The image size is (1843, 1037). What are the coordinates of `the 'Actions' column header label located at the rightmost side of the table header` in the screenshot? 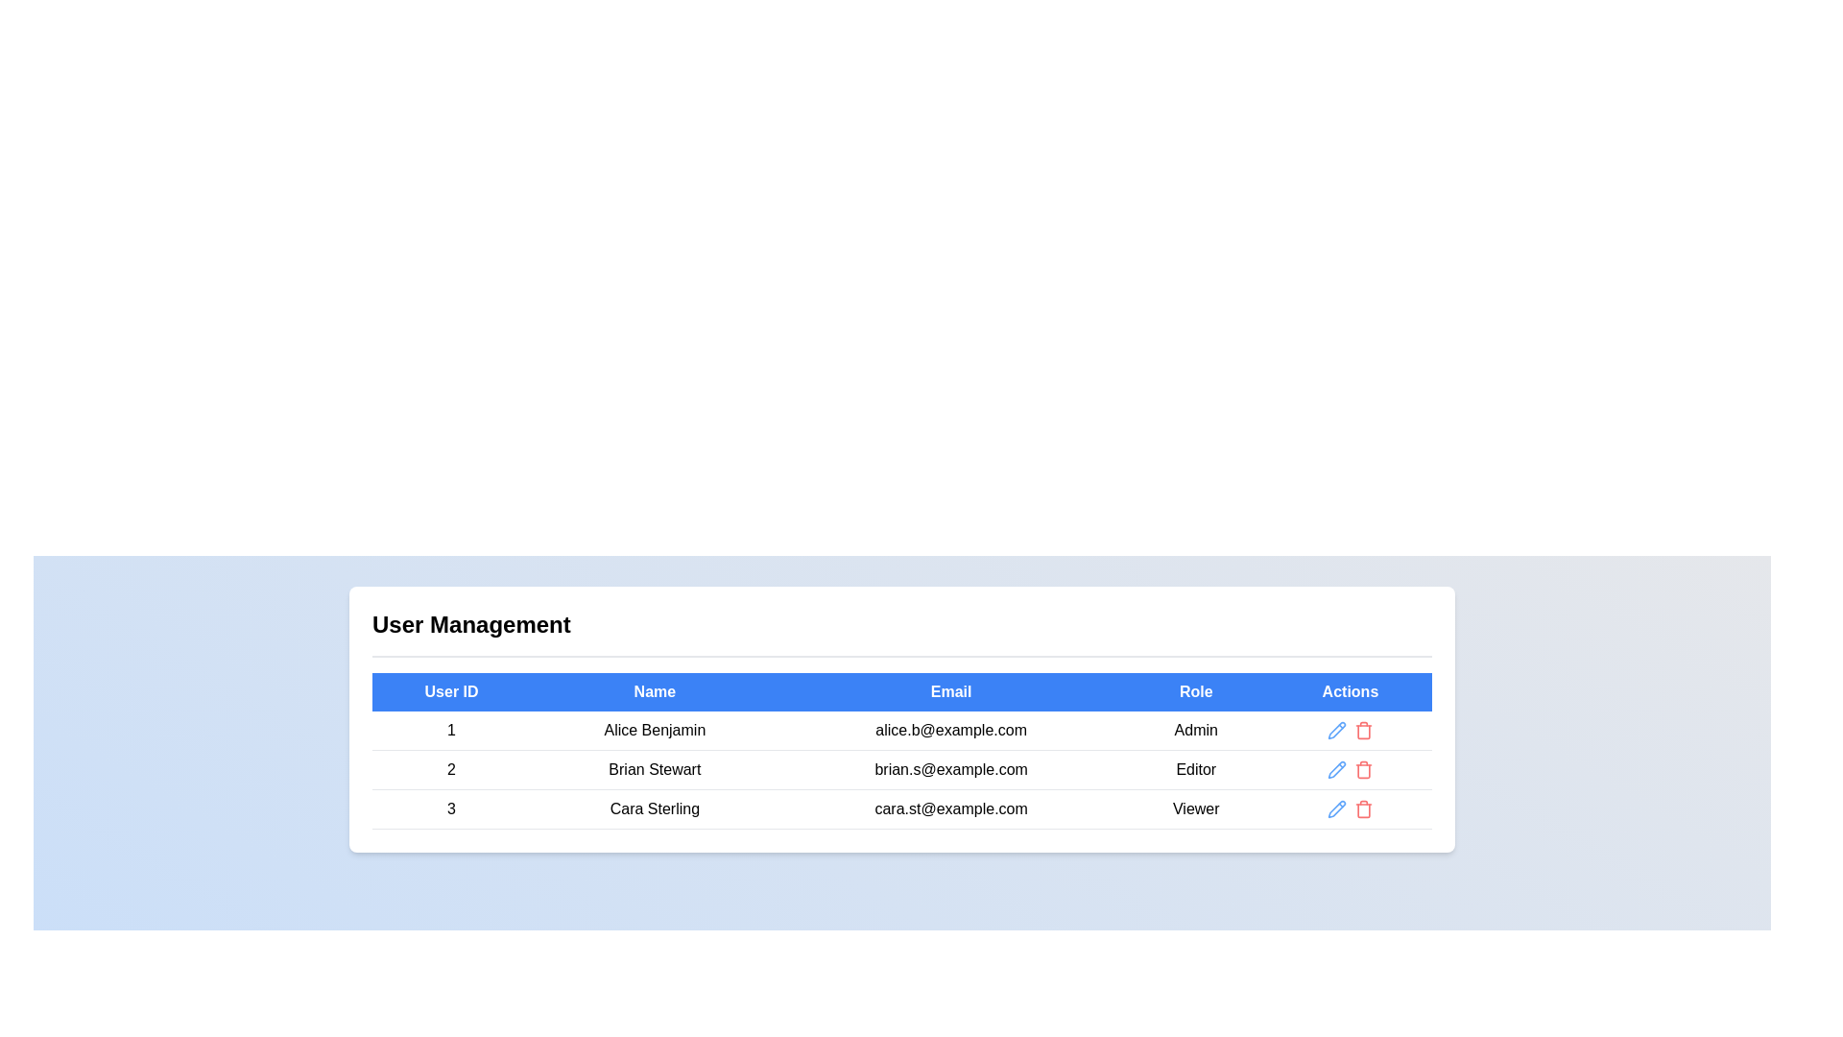 It's located at (1349, 692).